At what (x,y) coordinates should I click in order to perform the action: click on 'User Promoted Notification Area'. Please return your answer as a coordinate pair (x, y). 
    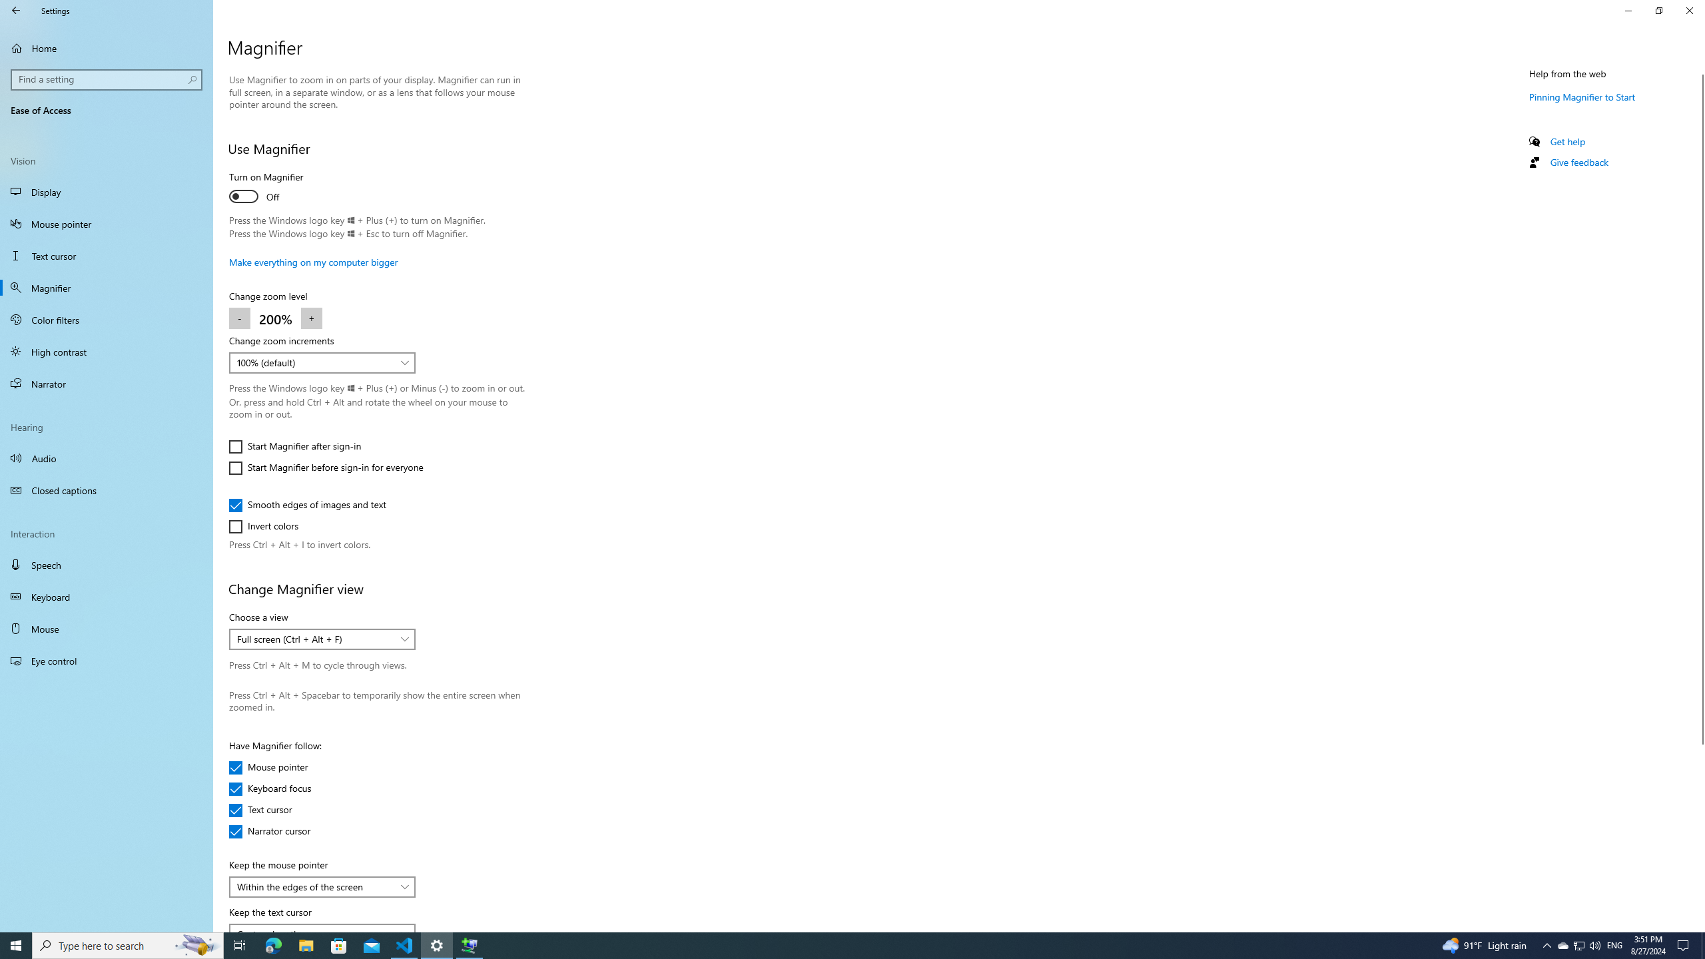
    Looking at the image, I should click on (1578, 944).